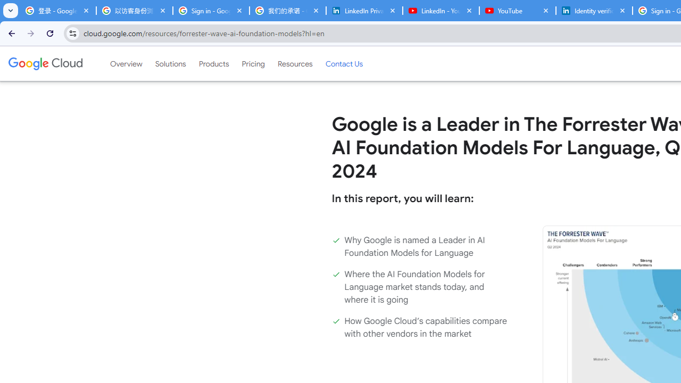  I want to click on 'Products', so click(213, 63).